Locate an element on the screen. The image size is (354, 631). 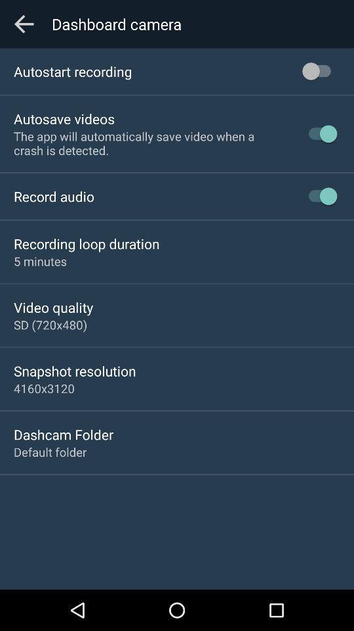
the dashcam folder icon is located at coordinates (63, 434).